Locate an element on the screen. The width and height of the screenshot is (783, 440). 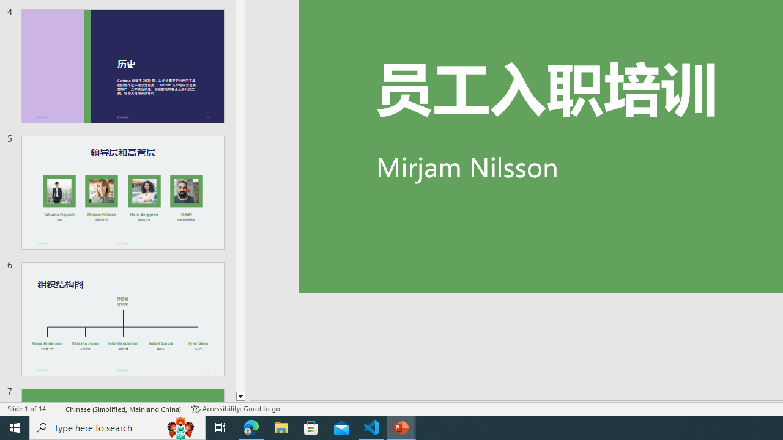
'Accessibility Checker Accessibility: Good to go' is located at coordinates (236, 409).